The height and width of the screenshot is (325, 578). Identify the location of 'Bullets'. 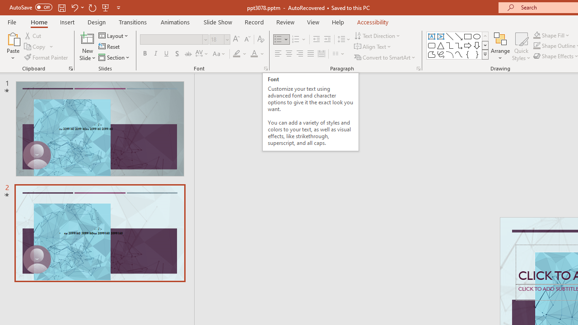
(278, 39).